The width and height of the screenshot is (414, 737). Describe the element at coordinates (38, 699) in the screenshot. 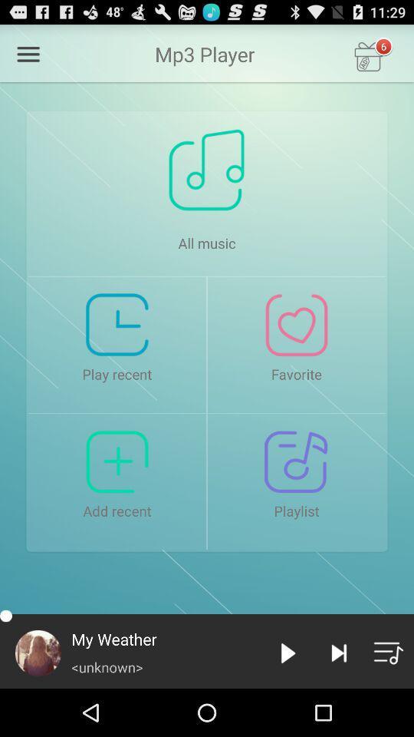

I see `the avatar icon` at that location.